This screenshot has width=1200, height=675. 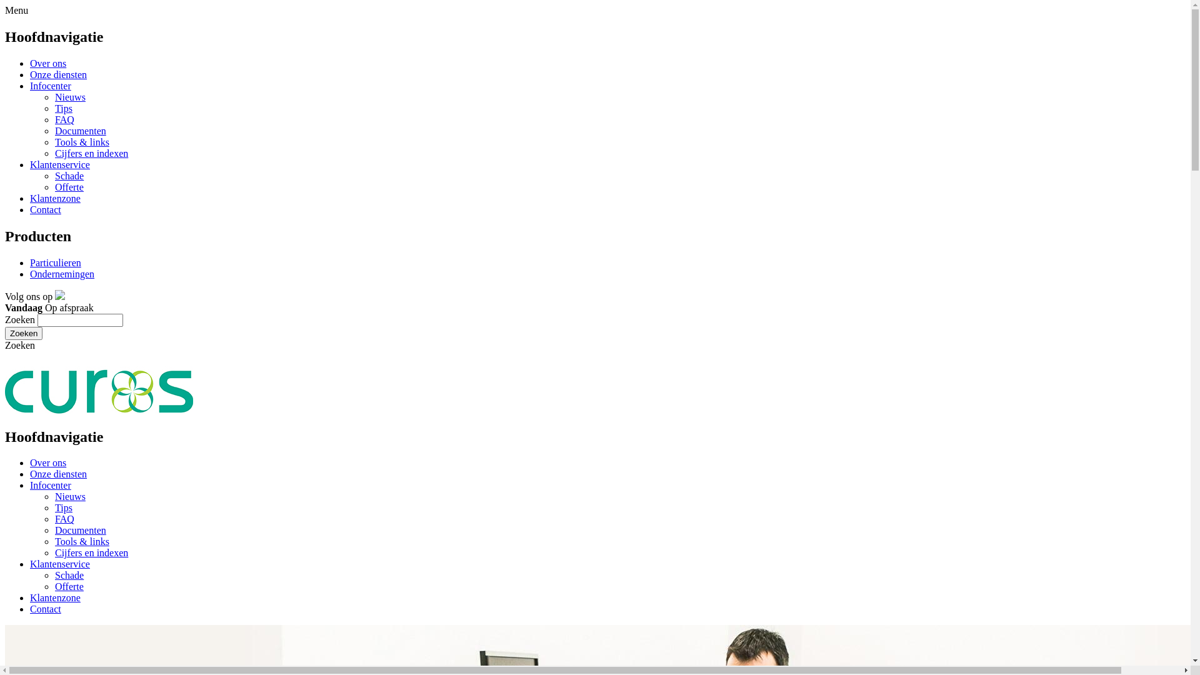 I want to click on 'Tools & links', so click(x=81, y=541).